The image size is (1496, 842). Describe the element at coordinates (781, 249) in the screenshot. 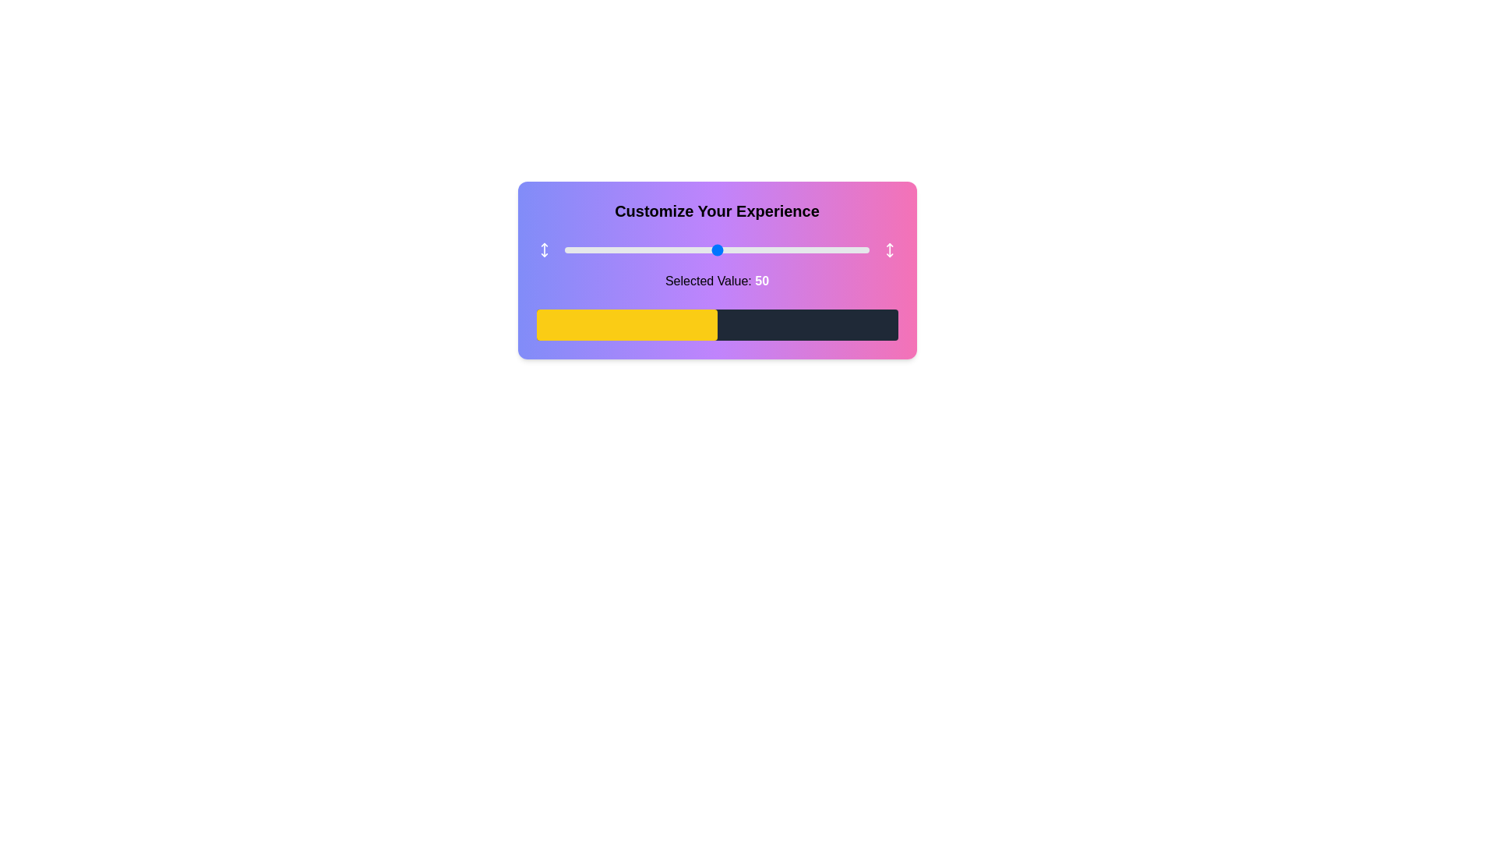

I see `the slider to set its value to 71` at that location.